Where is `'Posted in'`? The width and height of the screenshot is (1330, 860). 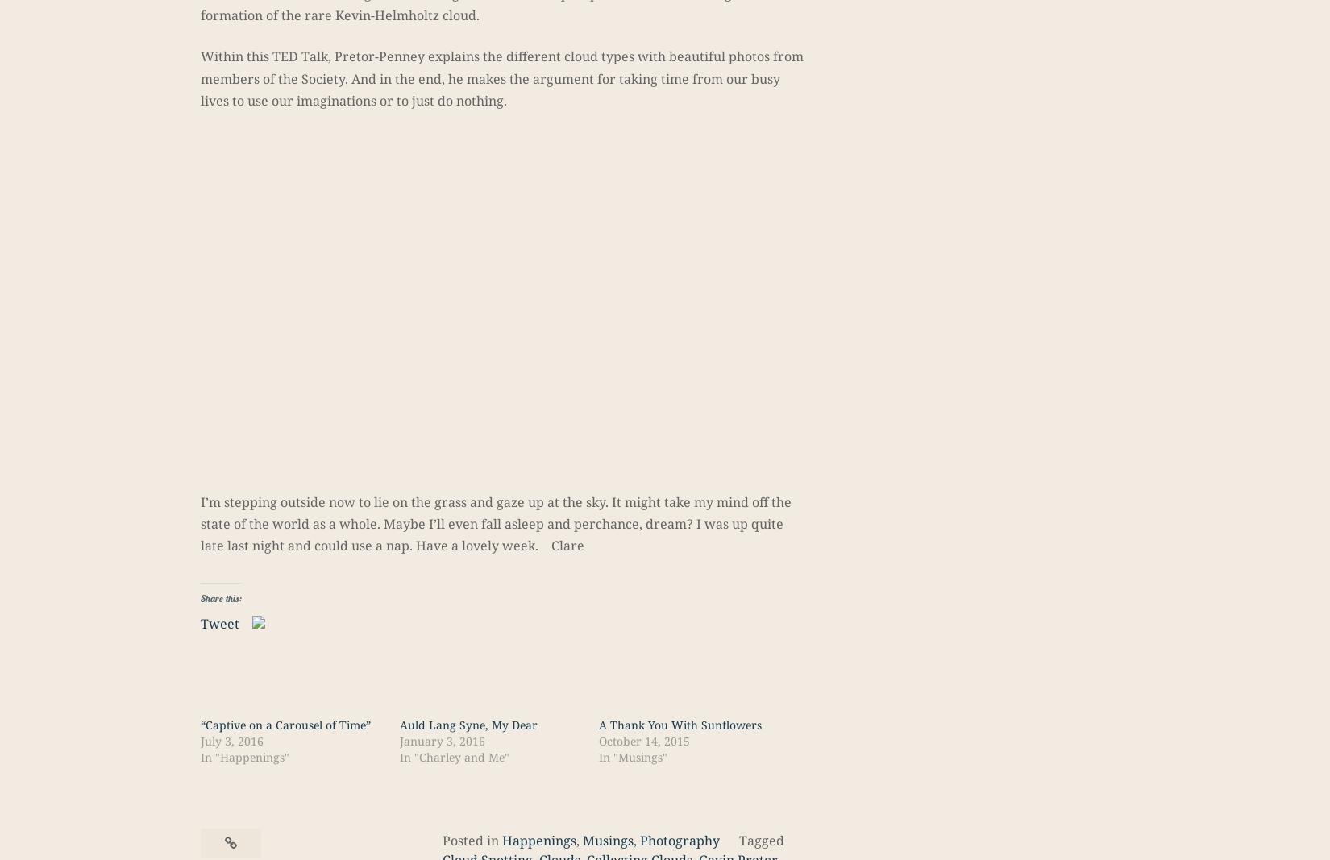
'Posted in' is located at coordinates (470, 840).